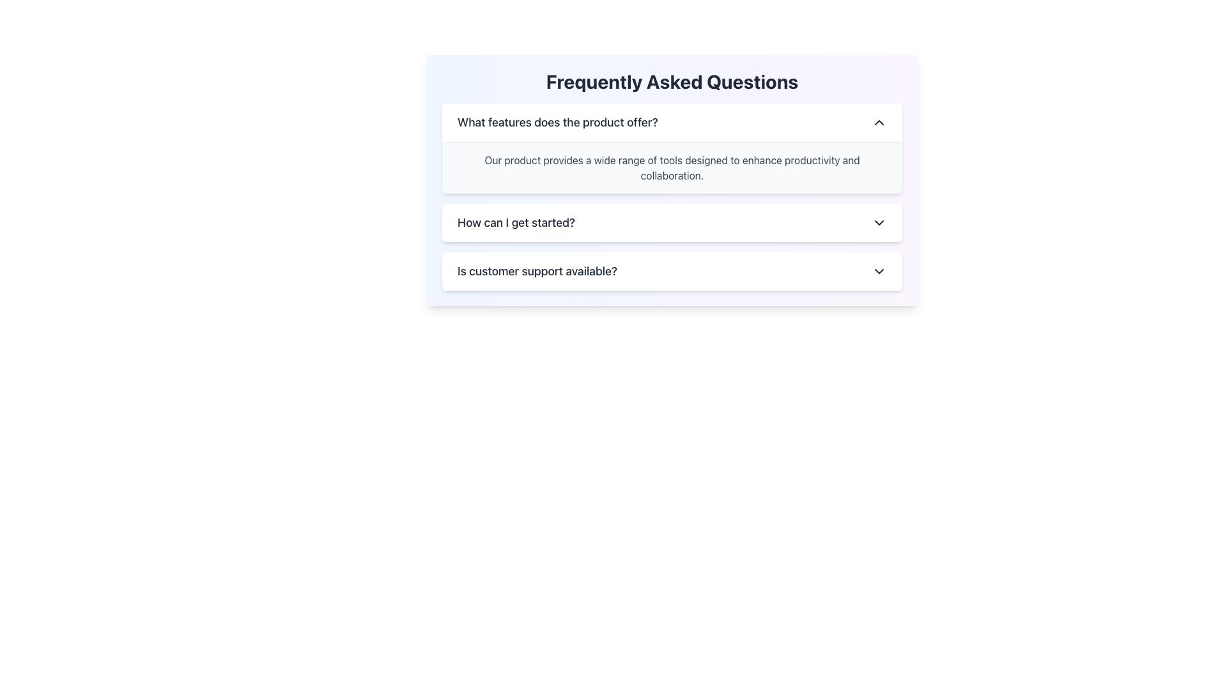 The height and width of the screenshot is (690, 1227). What do you see at coordinates (671, 81) in the screenshot?
I see `prominent bold text titled 'Frequently Asked Questions' located at the top of its section` at bounding box center [671, 81].